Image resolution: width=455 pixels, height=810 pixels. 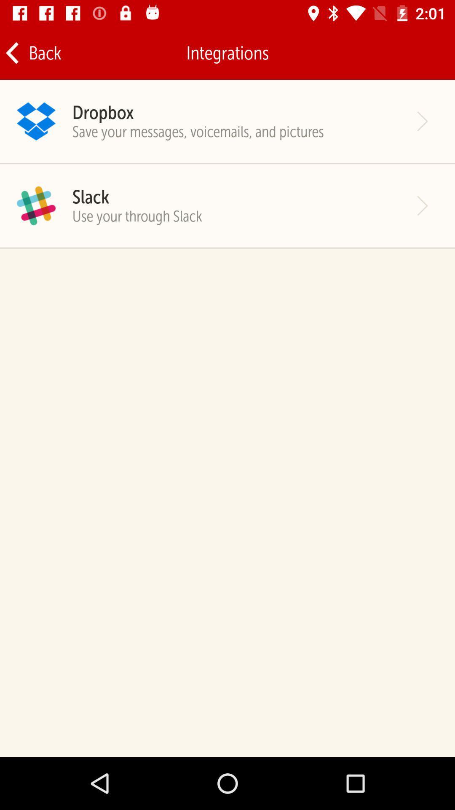 What do you see at coordinates (102, 112) in the screenshot?
I see `the dropbox` at bounding box center [102, 112].